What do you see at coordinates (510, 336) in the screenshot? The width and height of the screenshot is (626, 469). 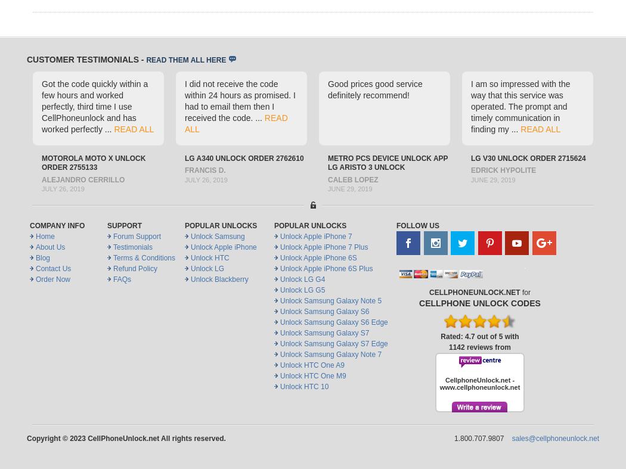 I see `'with'` at bounding box center [510, 336].